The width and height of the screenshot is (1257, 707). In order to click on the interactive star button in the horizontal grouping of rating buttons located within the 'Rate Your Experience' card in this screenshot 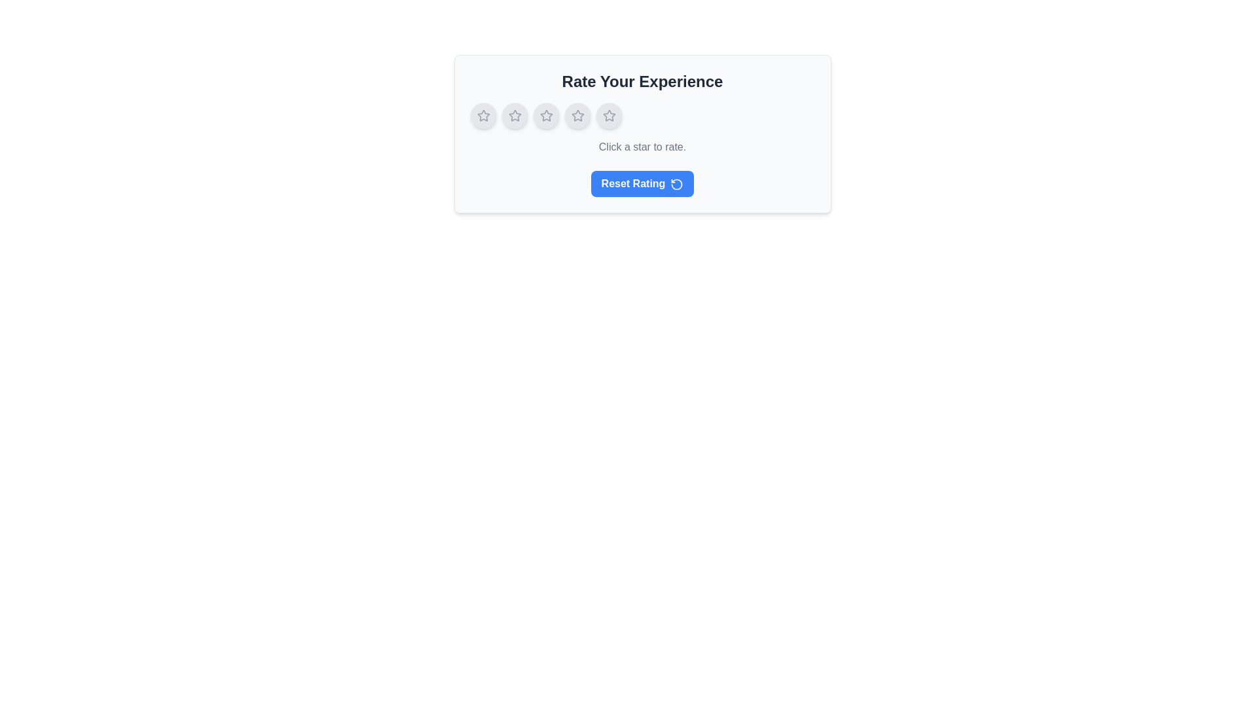, I will do `click(642, 115)`.